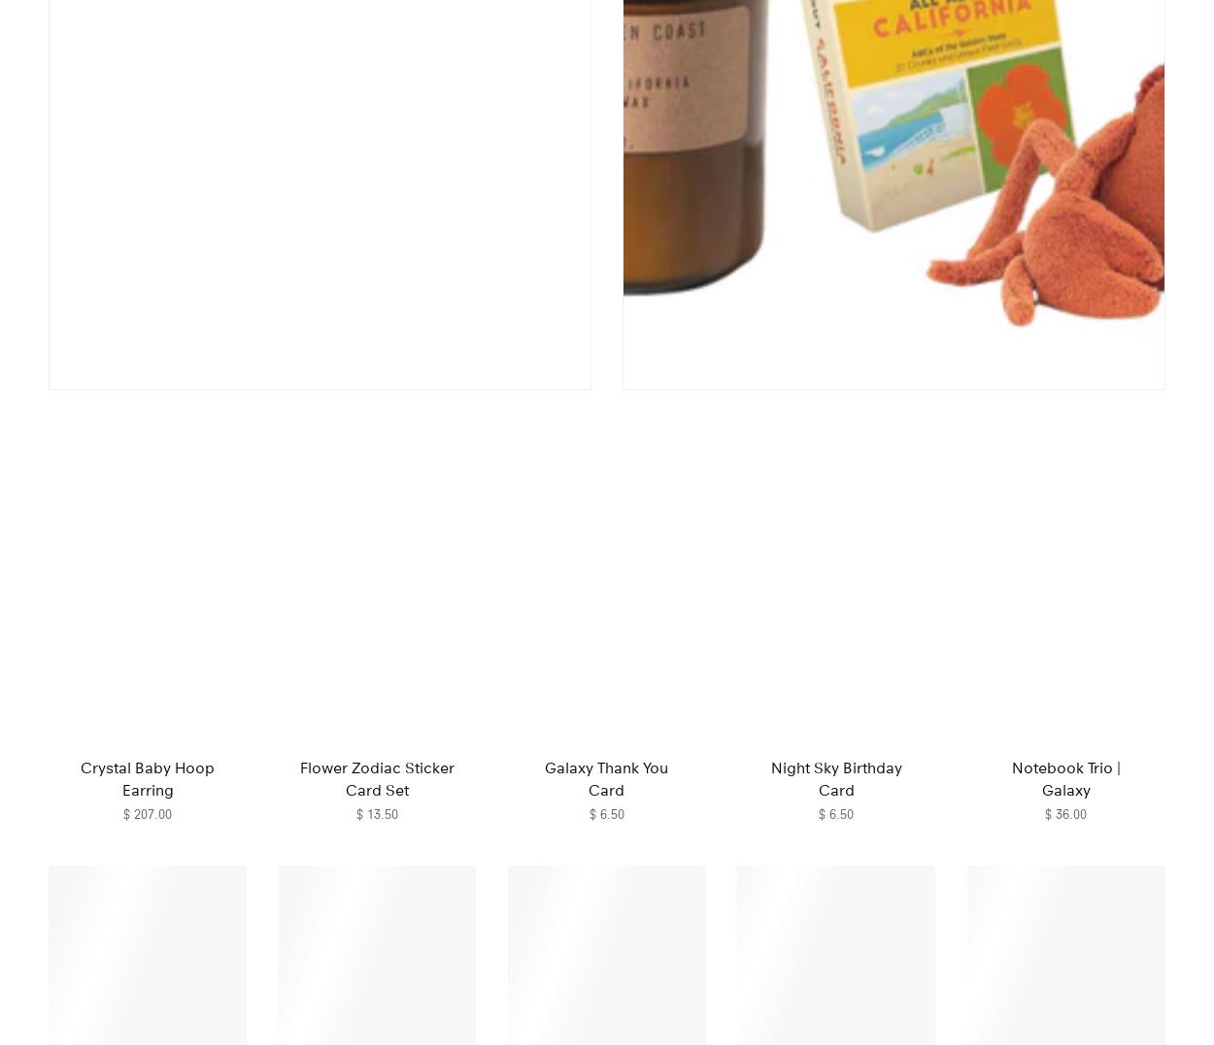 This screenshot has width=1214, height=1045. Describe the element at coordinates (607, 450) in the screenshot. I see `'Gifts for the Stargazer'` at that location.